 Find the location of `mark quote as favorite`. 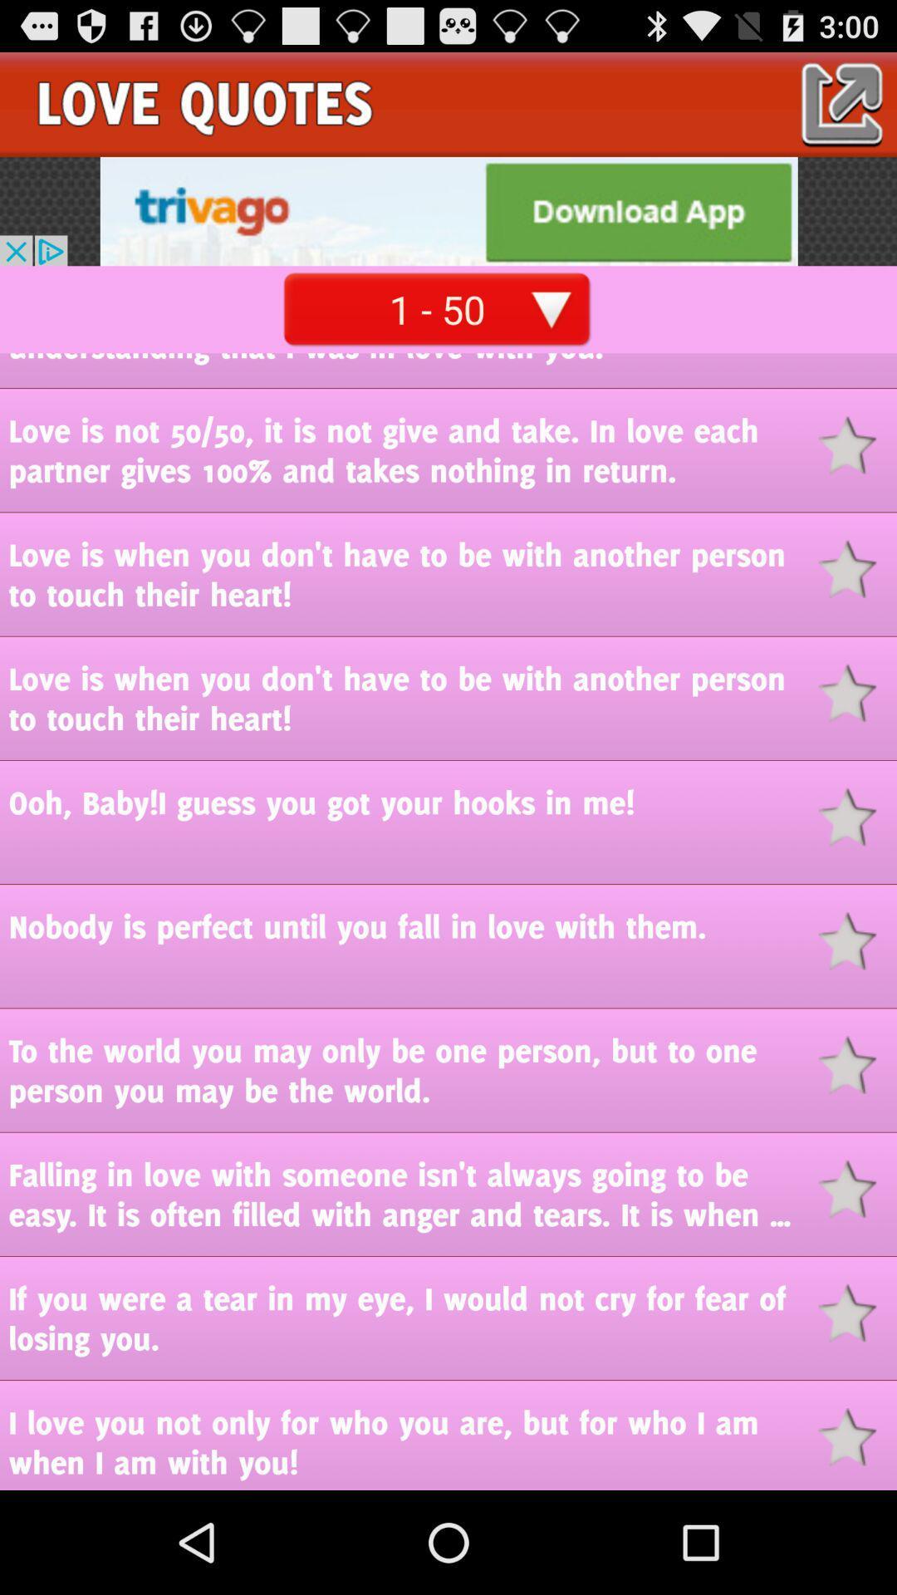

mark quote as favorite is located at coordinates (857, 1188).